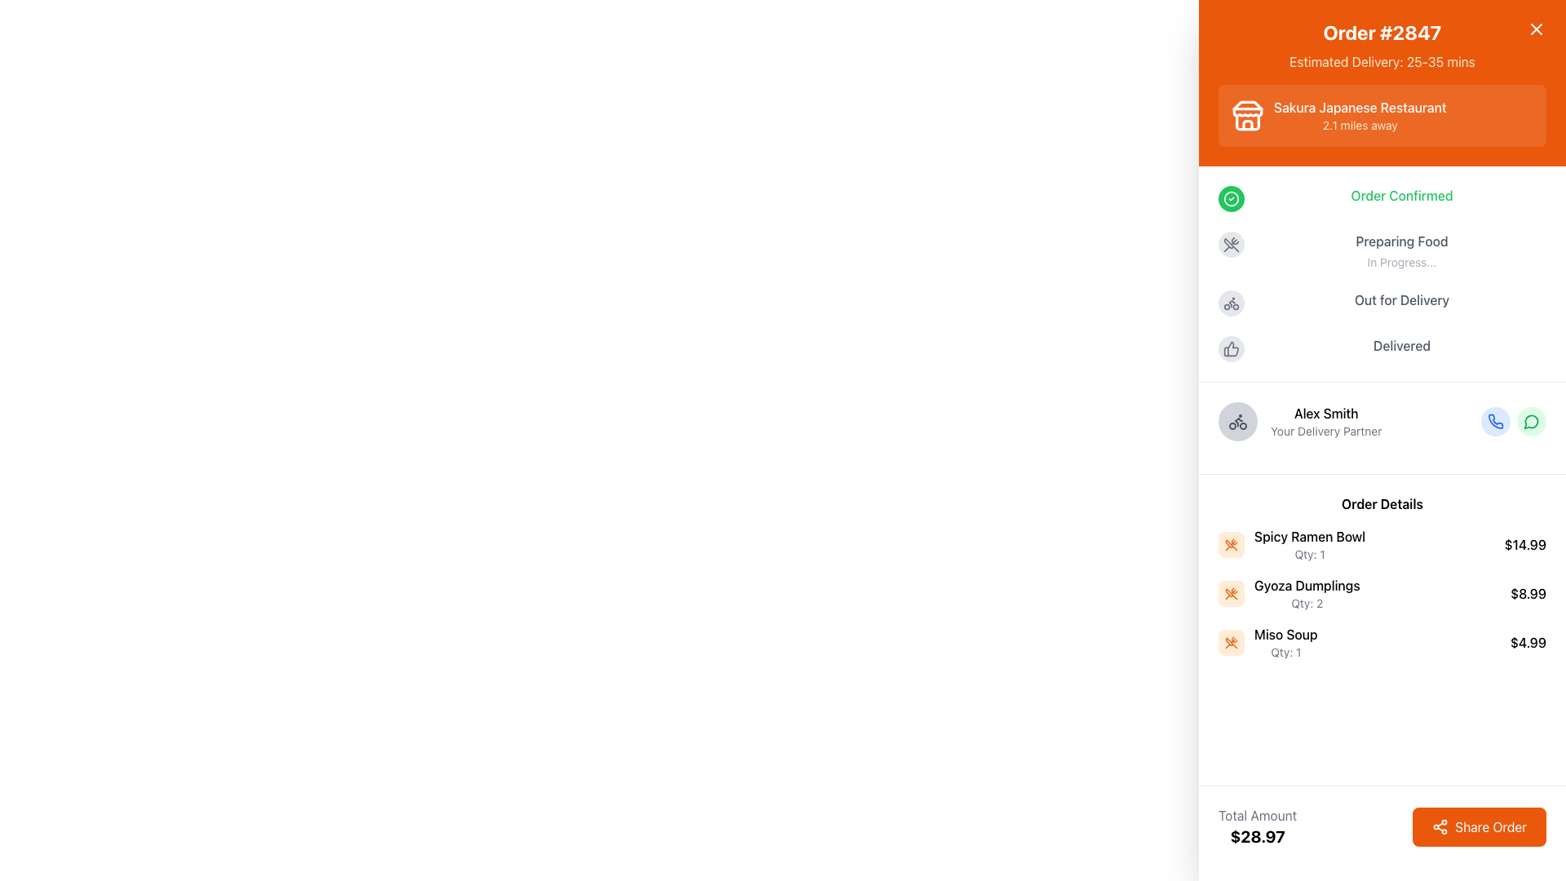 The width and height of the screenshot is (1566, 881). I want to click on the text label displaying the cost for 'Gyoza Dumplings' in the 'Order Details' section, located horizontally aligned with other price values, so click(1528, 594).